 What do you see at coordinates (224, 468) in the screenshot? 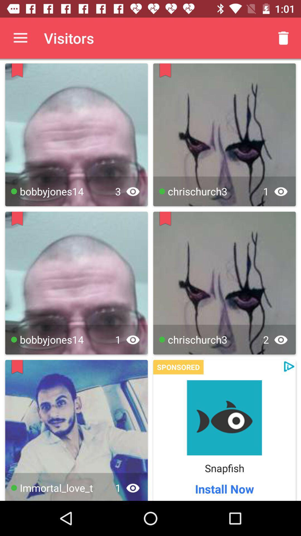
I see `the snapfish item` at bounding box center [224, 468].